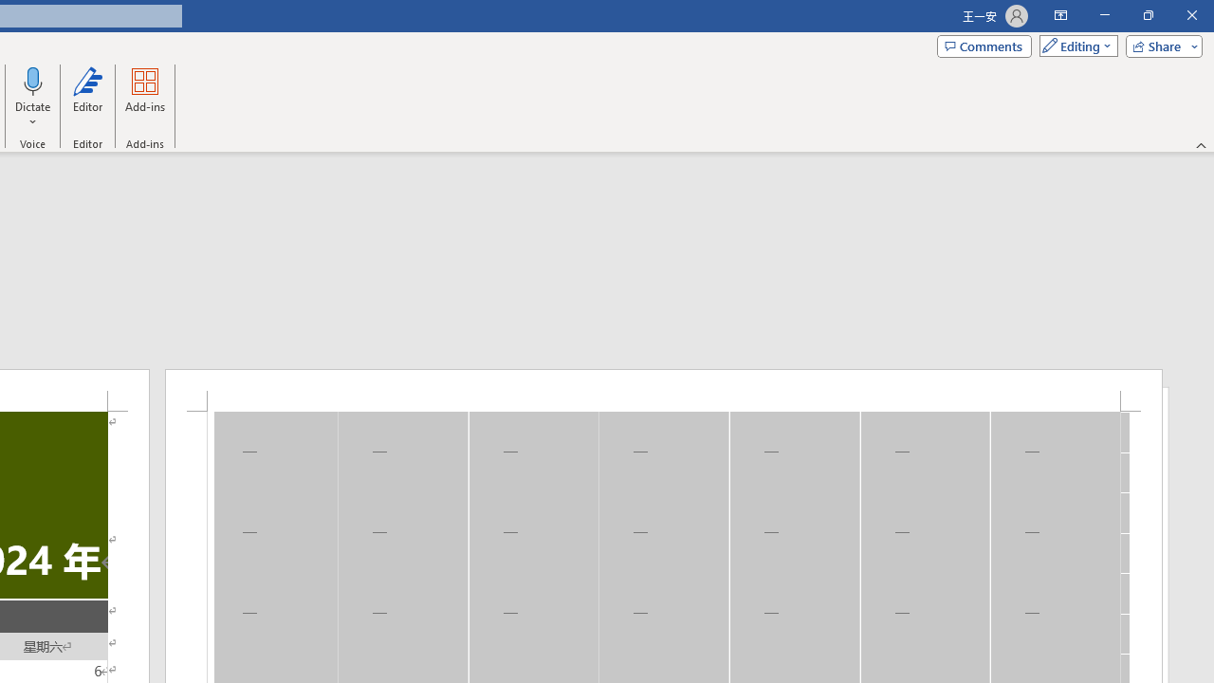 The width and height of the screenshot is (1214, 683). What do you see at coordinates (33, 80) in the screenshot?
I see `'Dictate'` at bounding box center [33, 80].